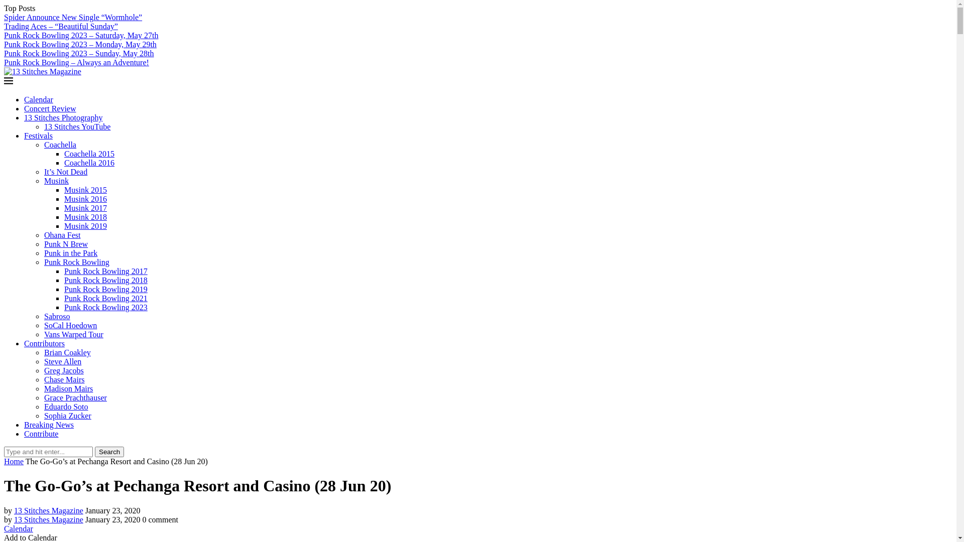 This screenshot has width=964, height=542. I want to click on 'Musink 2018', so click(85, 216).